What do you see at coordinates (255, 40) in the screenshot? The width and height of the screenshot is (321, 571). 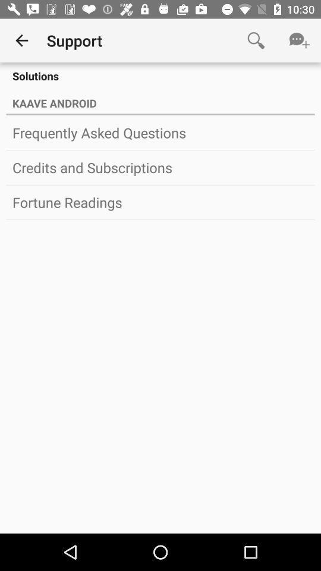 I see `the item to the right of the support item` at bounding box center [255, 40].